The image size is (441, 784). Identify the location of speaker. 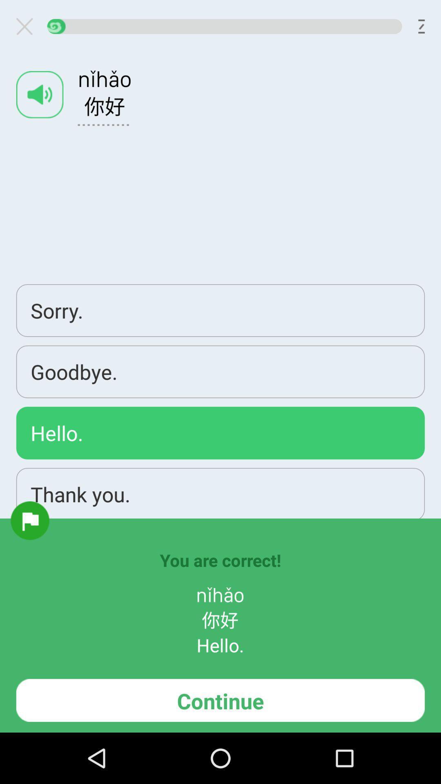
(40, 94).